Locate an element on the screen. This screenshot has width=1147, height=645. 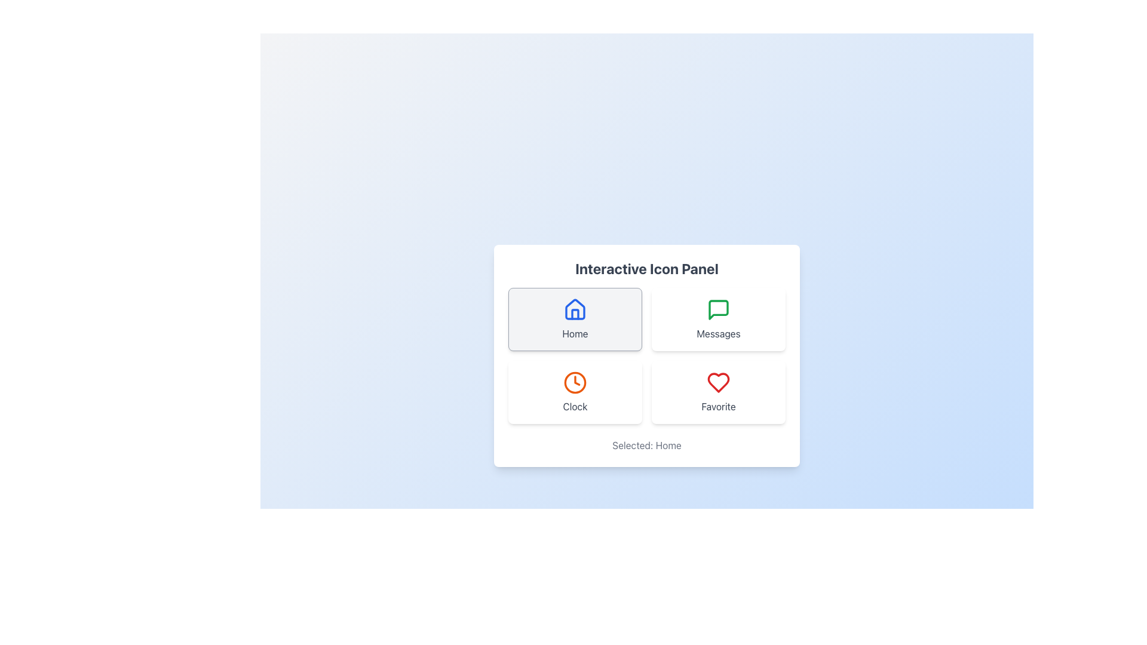
the Text label located at the bottom of the 'Favorite' card, which identifies the card's purpose related to the 'Favorite' functionality is located at coordinates (718, 406).